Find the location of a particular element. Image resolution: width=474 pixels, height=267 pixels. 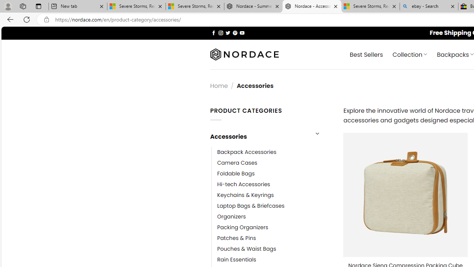

'Backpack Accessories' is located at coordinates (247, 152).